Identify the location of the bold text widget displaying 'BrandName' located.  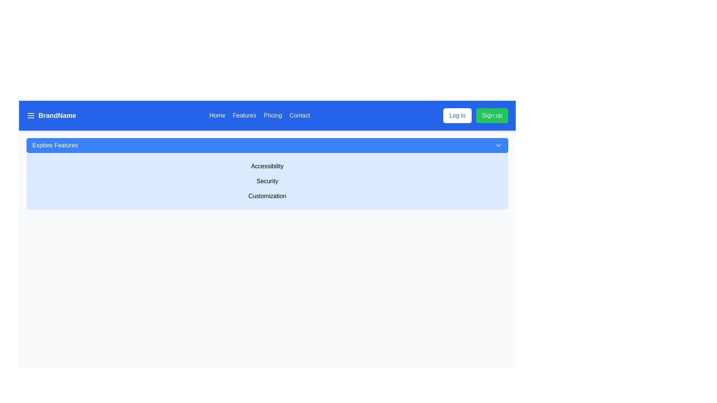
(51, 115).